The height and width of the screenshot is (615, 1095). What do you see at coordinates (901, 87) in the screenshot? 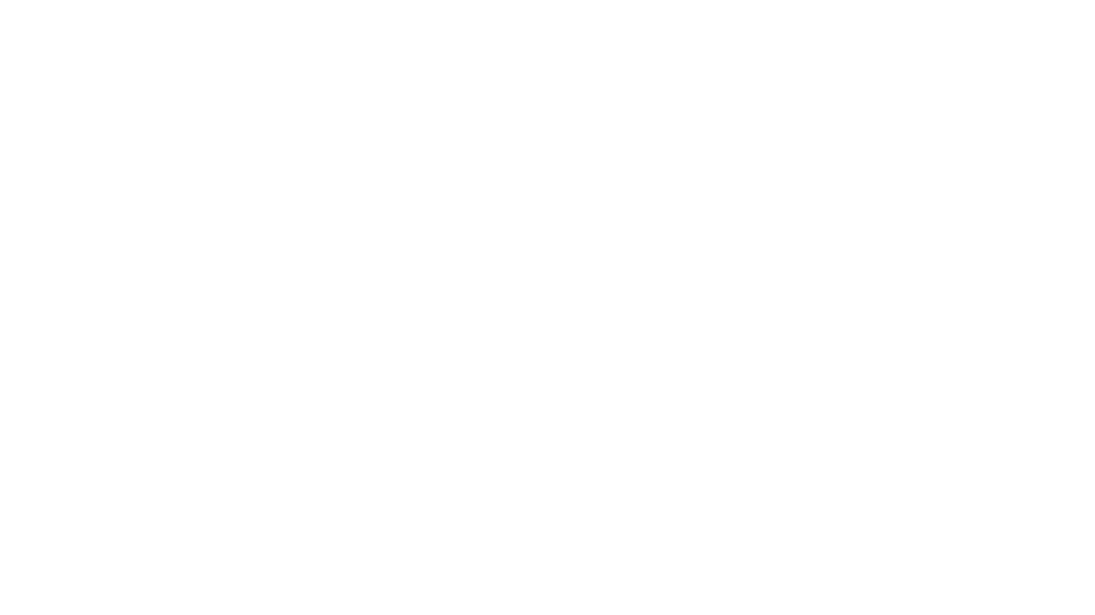
I see `Switch to Grid View` at bounding box center [901, 87].